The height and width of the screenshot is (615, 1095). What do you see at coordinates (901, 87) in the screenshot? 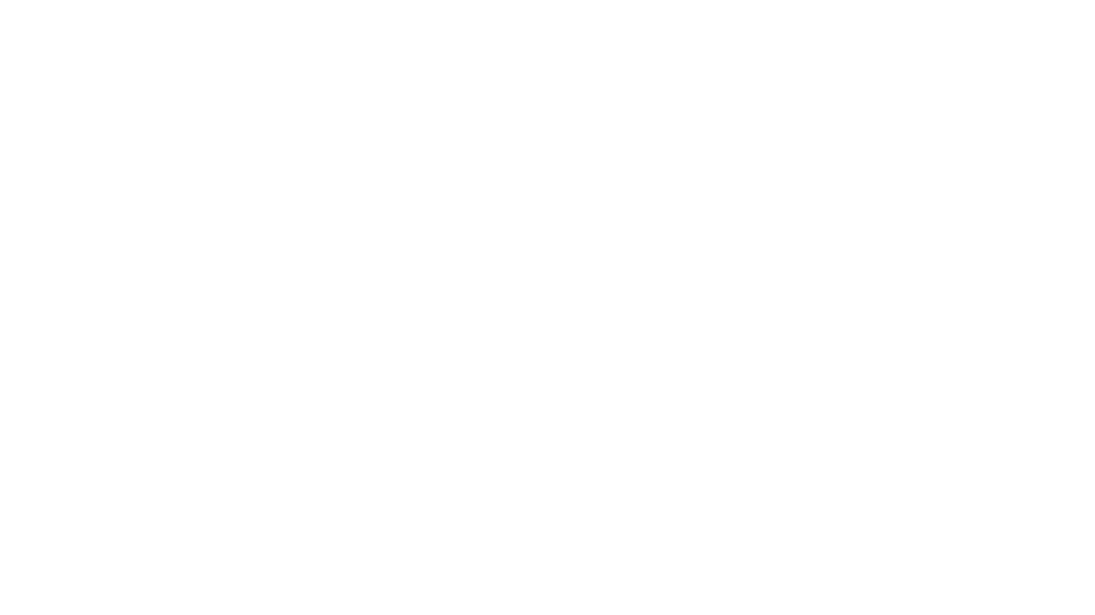
I see `Switch to Grid View` at bounding box center [901, 87].